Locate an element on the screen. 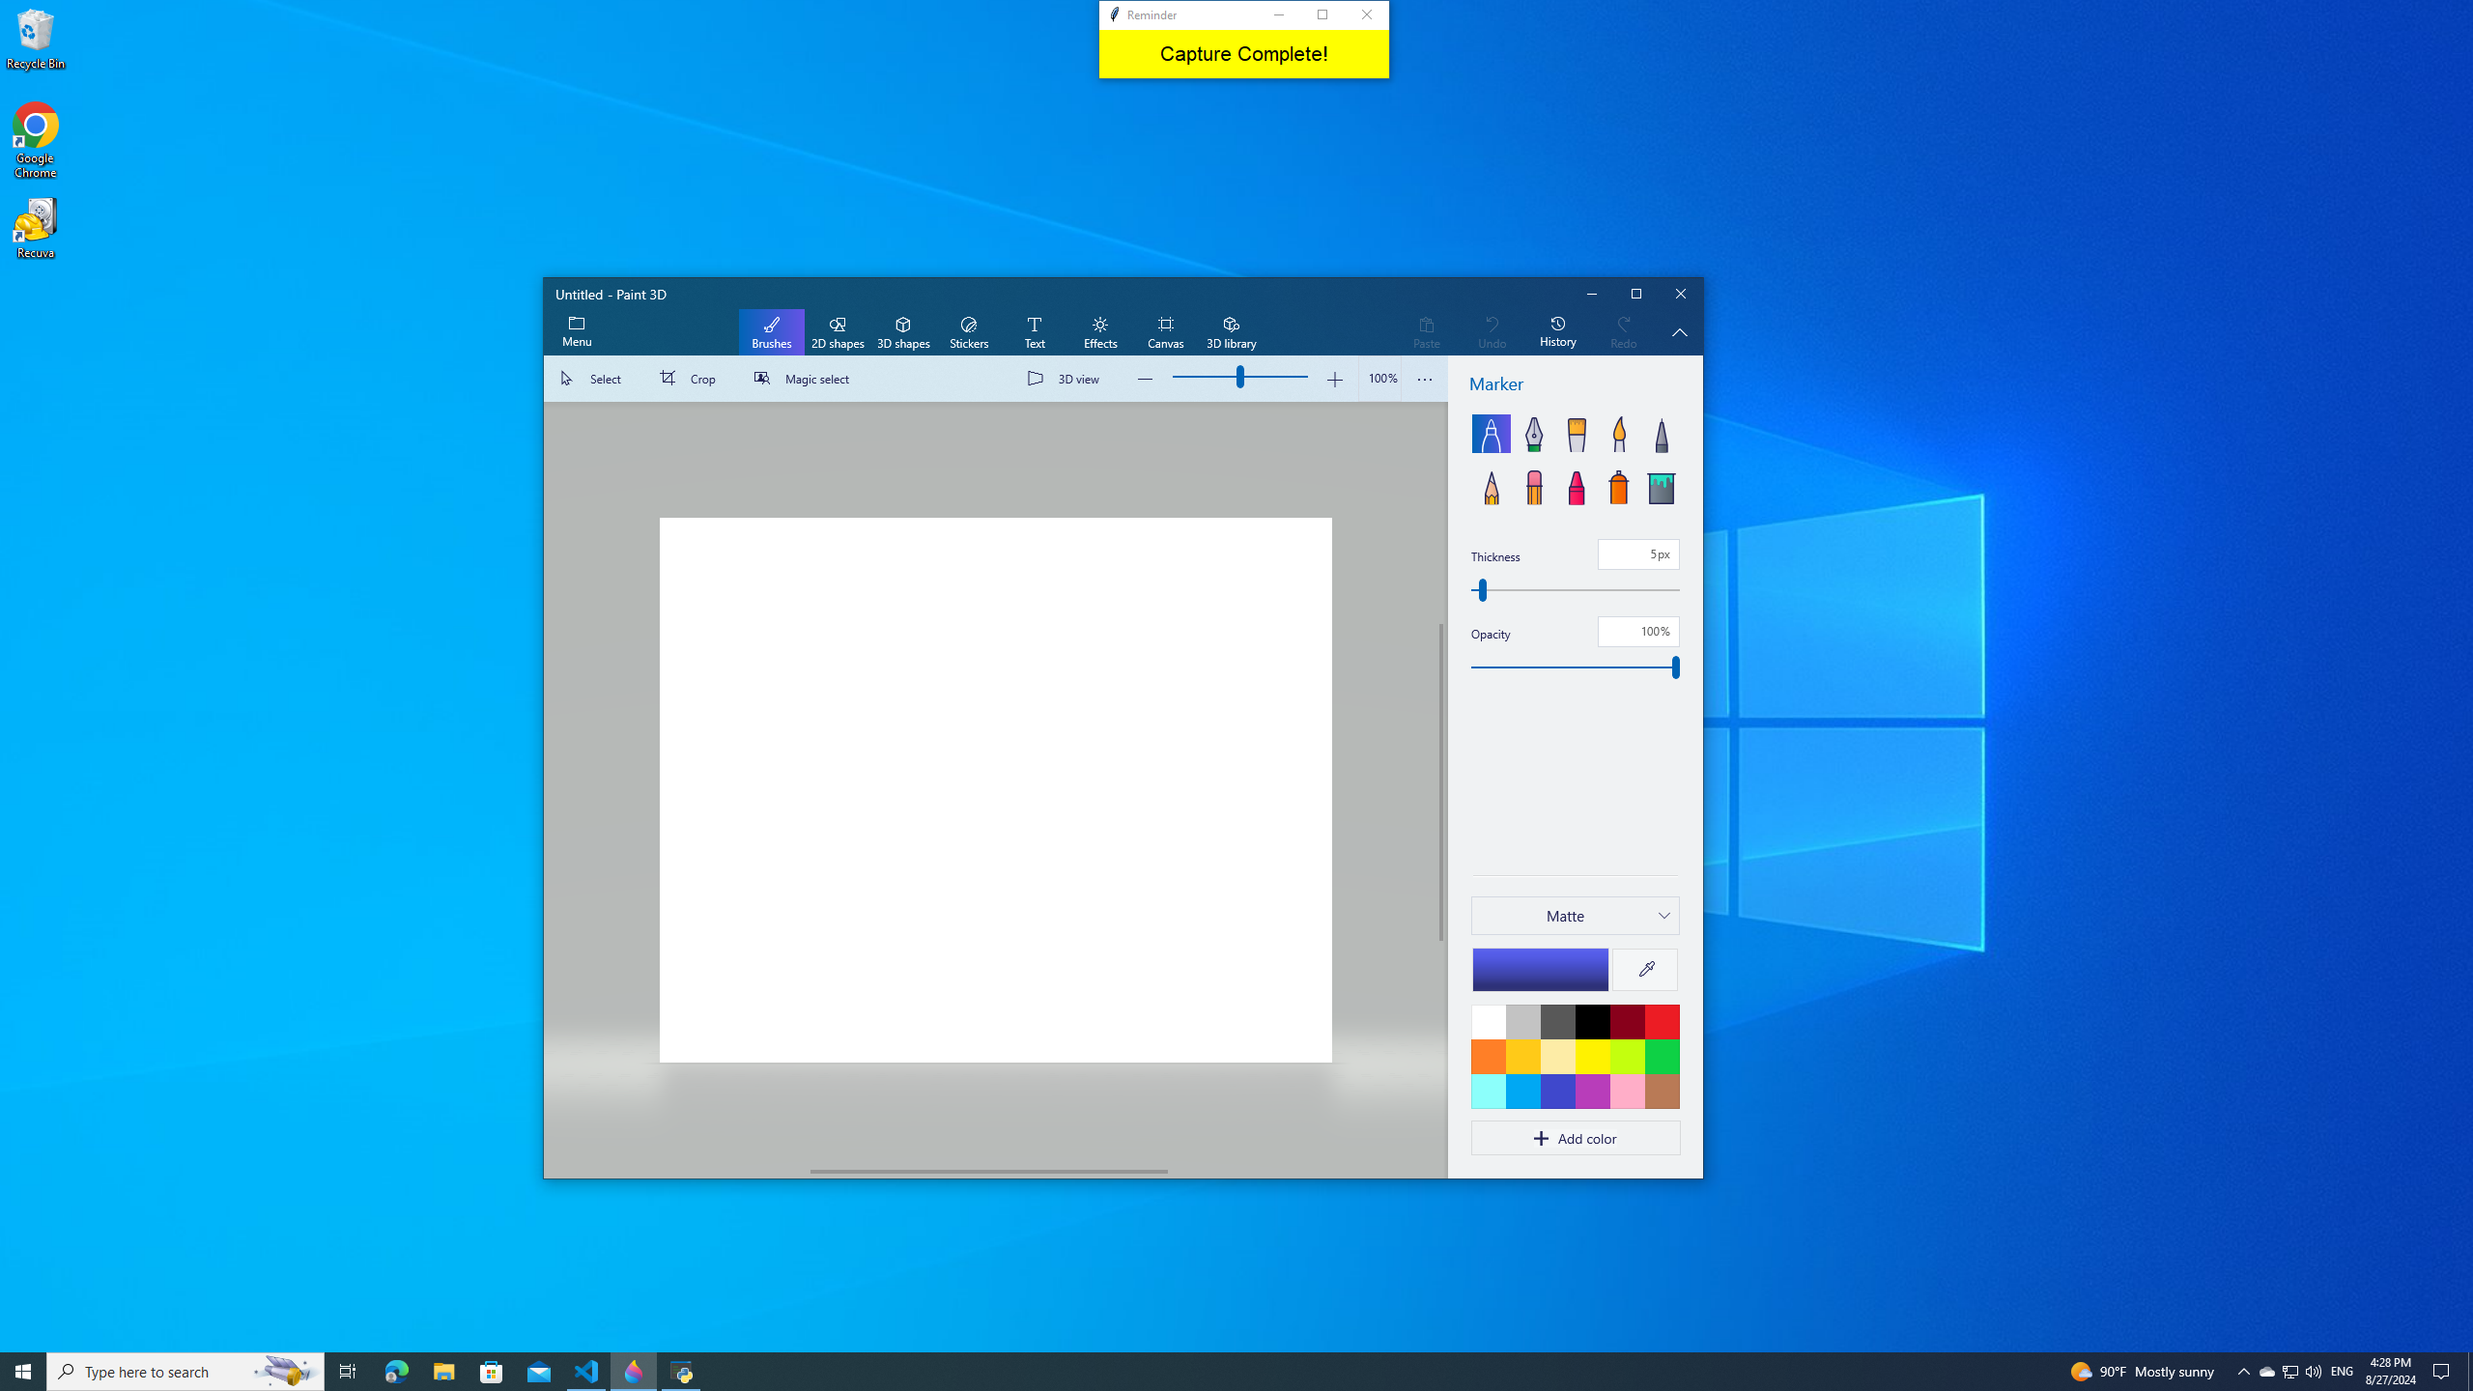 This screenshot has height=1391, width=2473. 'Pink' is located at coordinates (1591, 1091).